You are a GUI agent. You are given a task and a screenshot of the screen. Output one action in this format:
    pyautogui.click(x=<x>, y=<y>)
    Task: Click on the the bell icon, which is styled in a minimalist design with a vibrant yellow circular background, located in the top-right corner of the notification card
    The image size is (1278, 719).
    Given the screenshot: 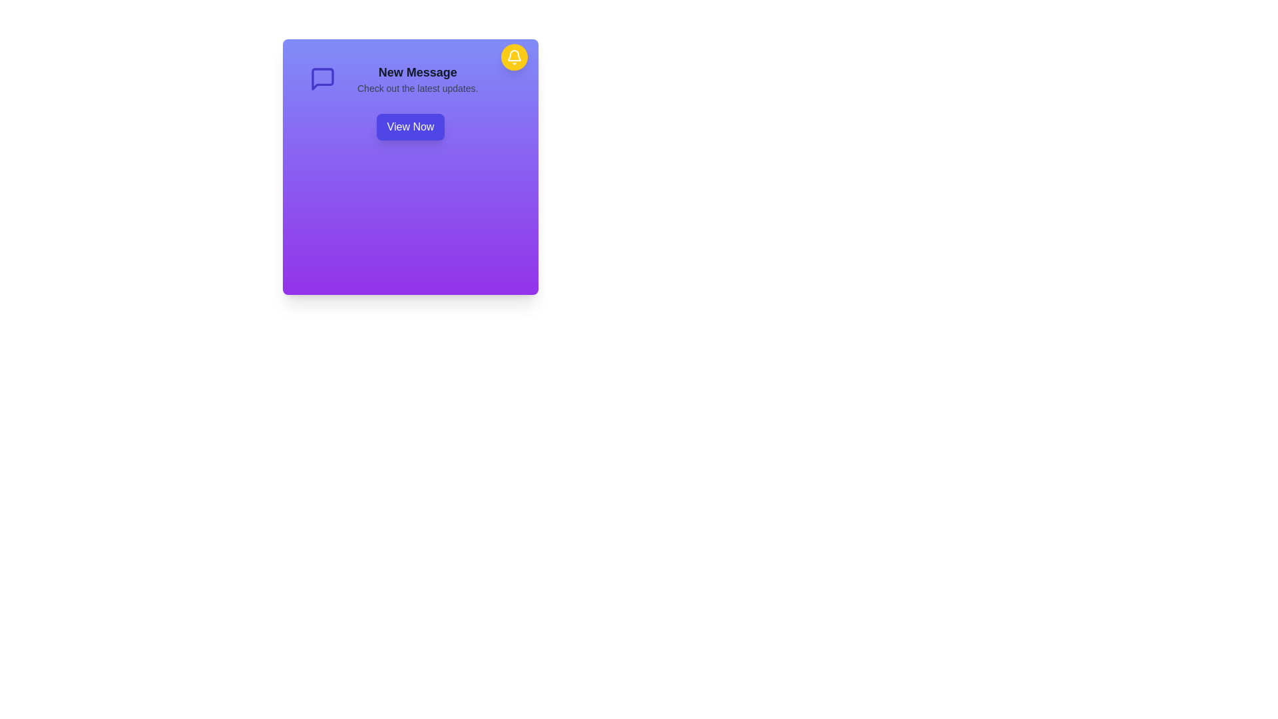 What is the action you would take?
    pyautogui.click(x=513, y=61)
    